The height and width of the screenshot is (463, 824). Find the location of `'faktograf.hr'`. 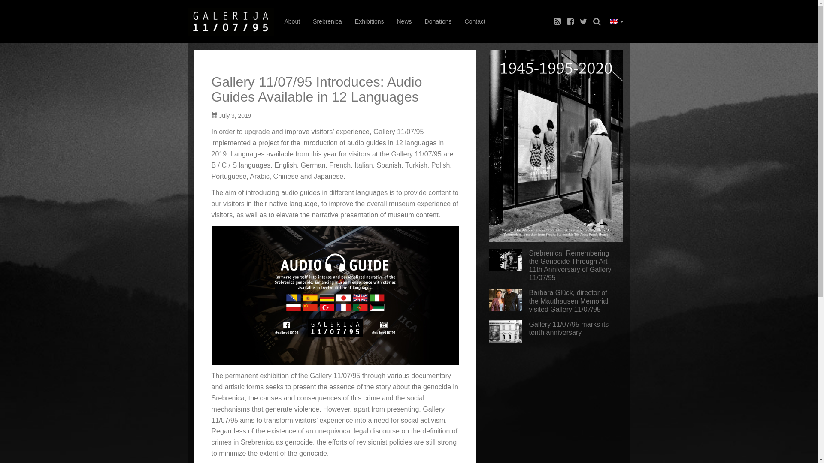

'faktograf.hr' is located at coordinates (230, 21).